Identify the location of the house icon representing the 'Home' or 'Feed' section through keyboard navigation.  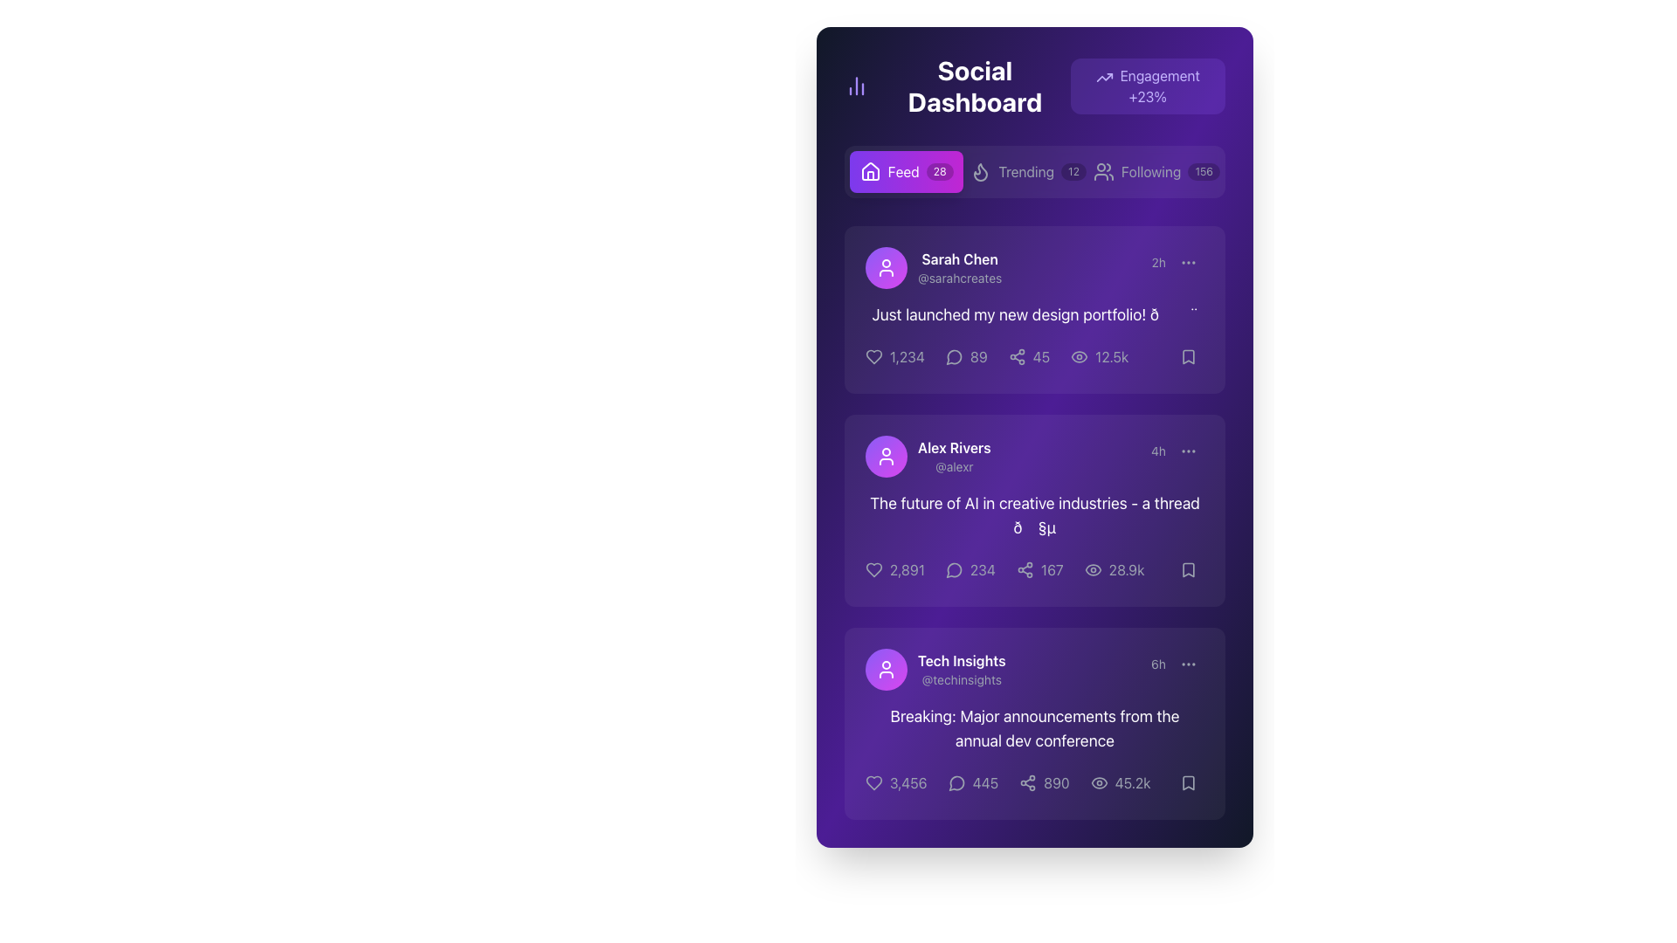
(870, 171).